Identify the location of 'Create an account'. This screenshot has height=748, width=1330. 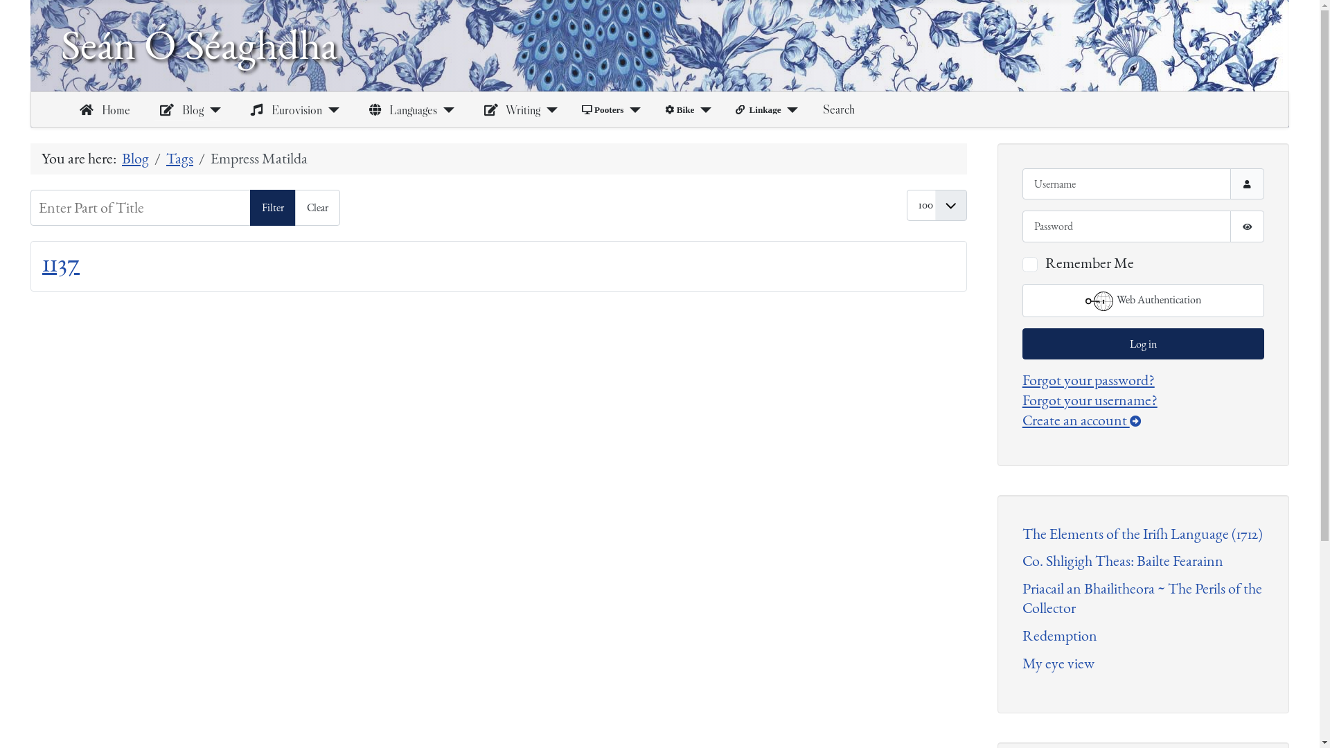
(1022, 419).